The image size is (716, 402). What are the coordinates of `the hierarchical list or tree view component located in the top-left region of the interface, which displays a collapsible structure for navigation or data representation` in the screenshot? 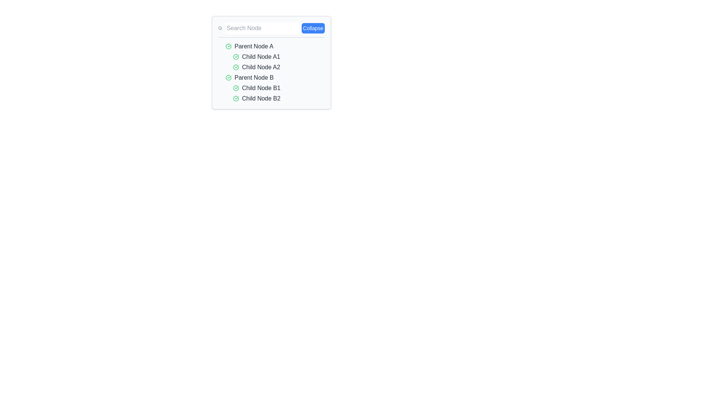 It's located at (271, 62).